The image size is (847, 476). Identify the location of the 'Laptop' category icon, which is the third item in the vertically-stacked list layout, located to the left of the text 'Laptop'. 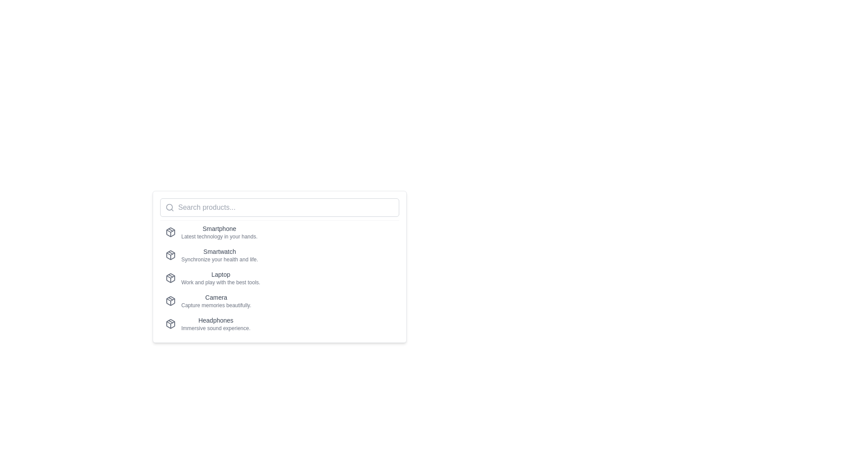
(171, 278).